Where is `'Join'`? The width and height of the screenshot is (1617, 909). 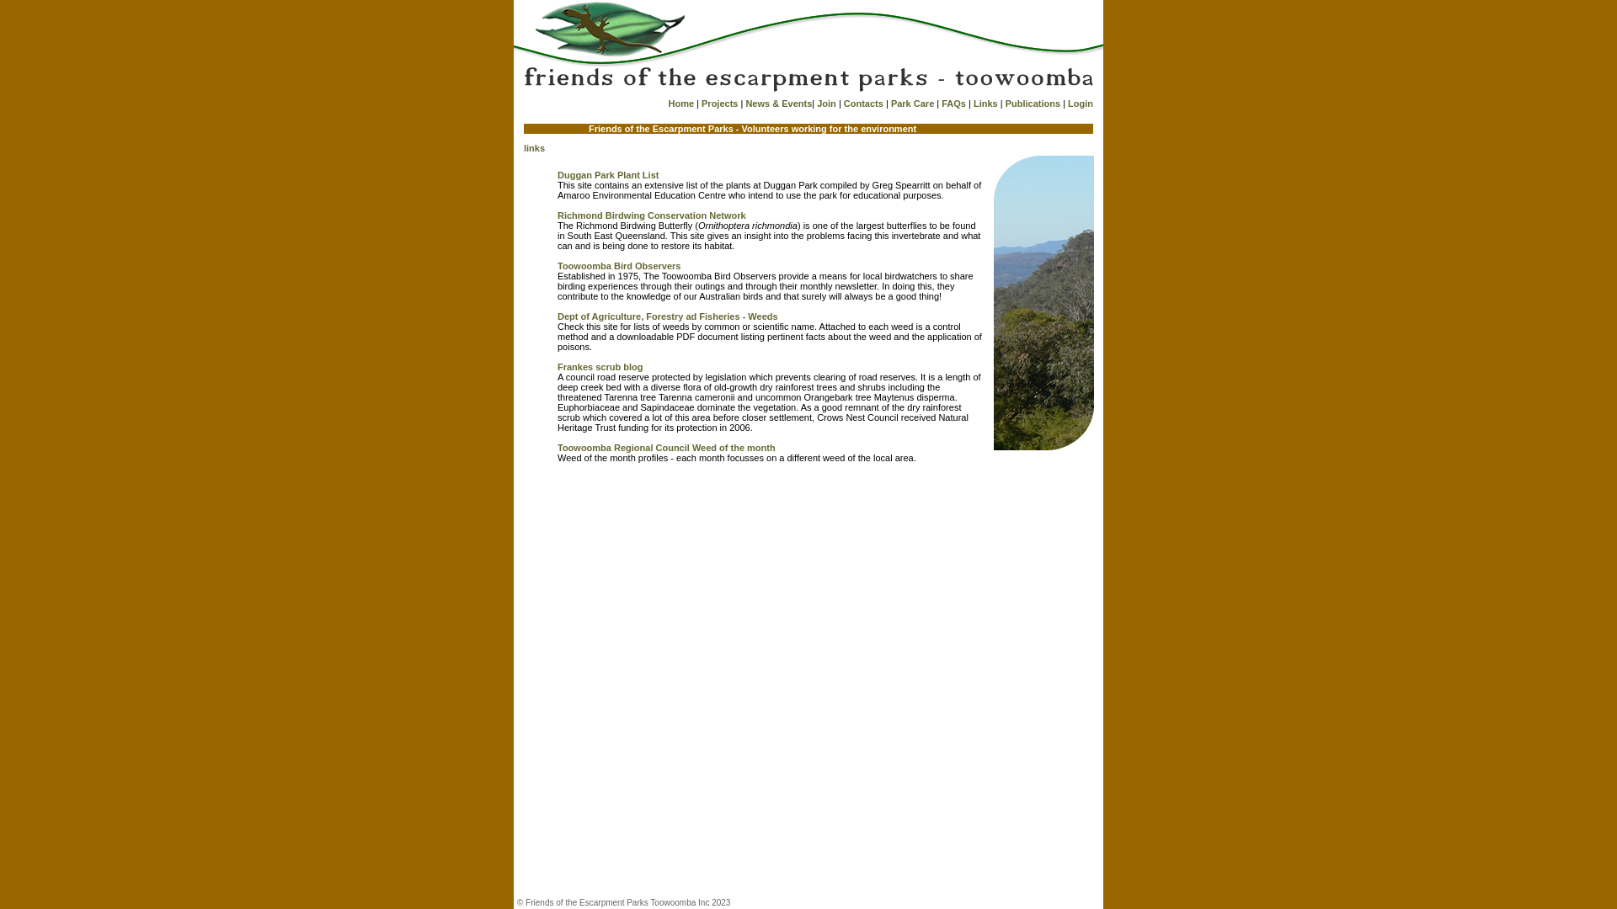 'Join' is located at coordinates (826, 103).